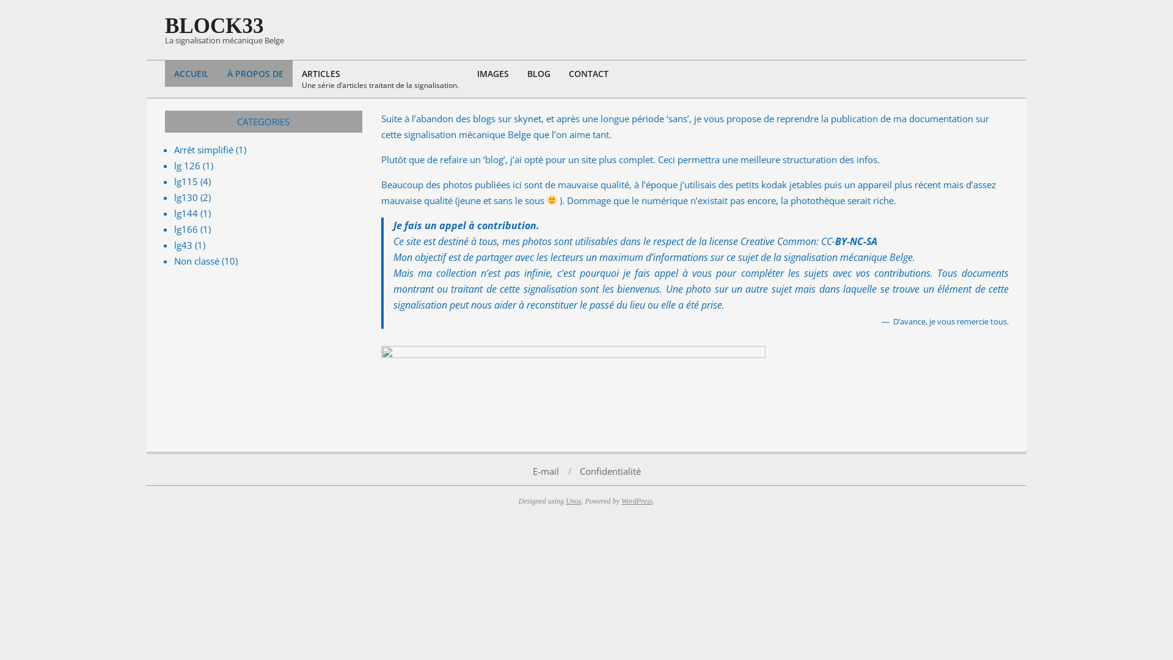  What do you see at coordinates (545, 470) in the screenshot?
I see `'E-mail'` at bounding box center [545, 470].